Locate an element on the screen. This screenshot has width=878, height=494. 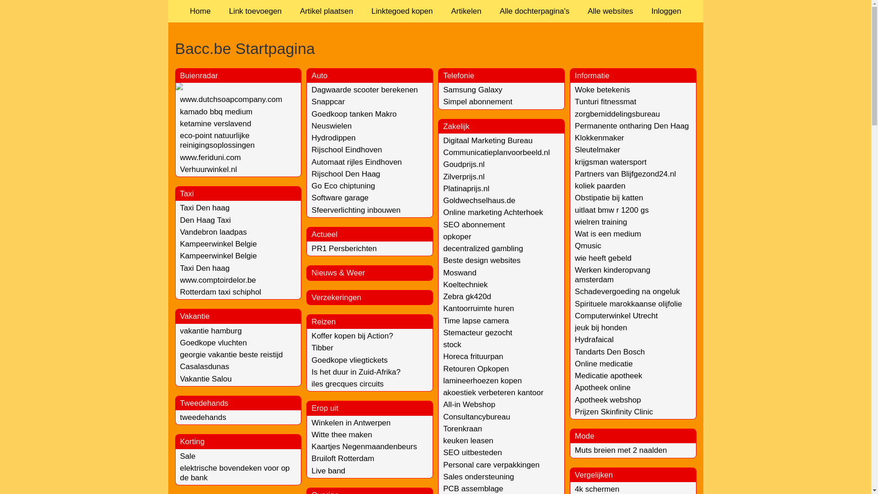
'Sale' is located at coordinates (187, 456).